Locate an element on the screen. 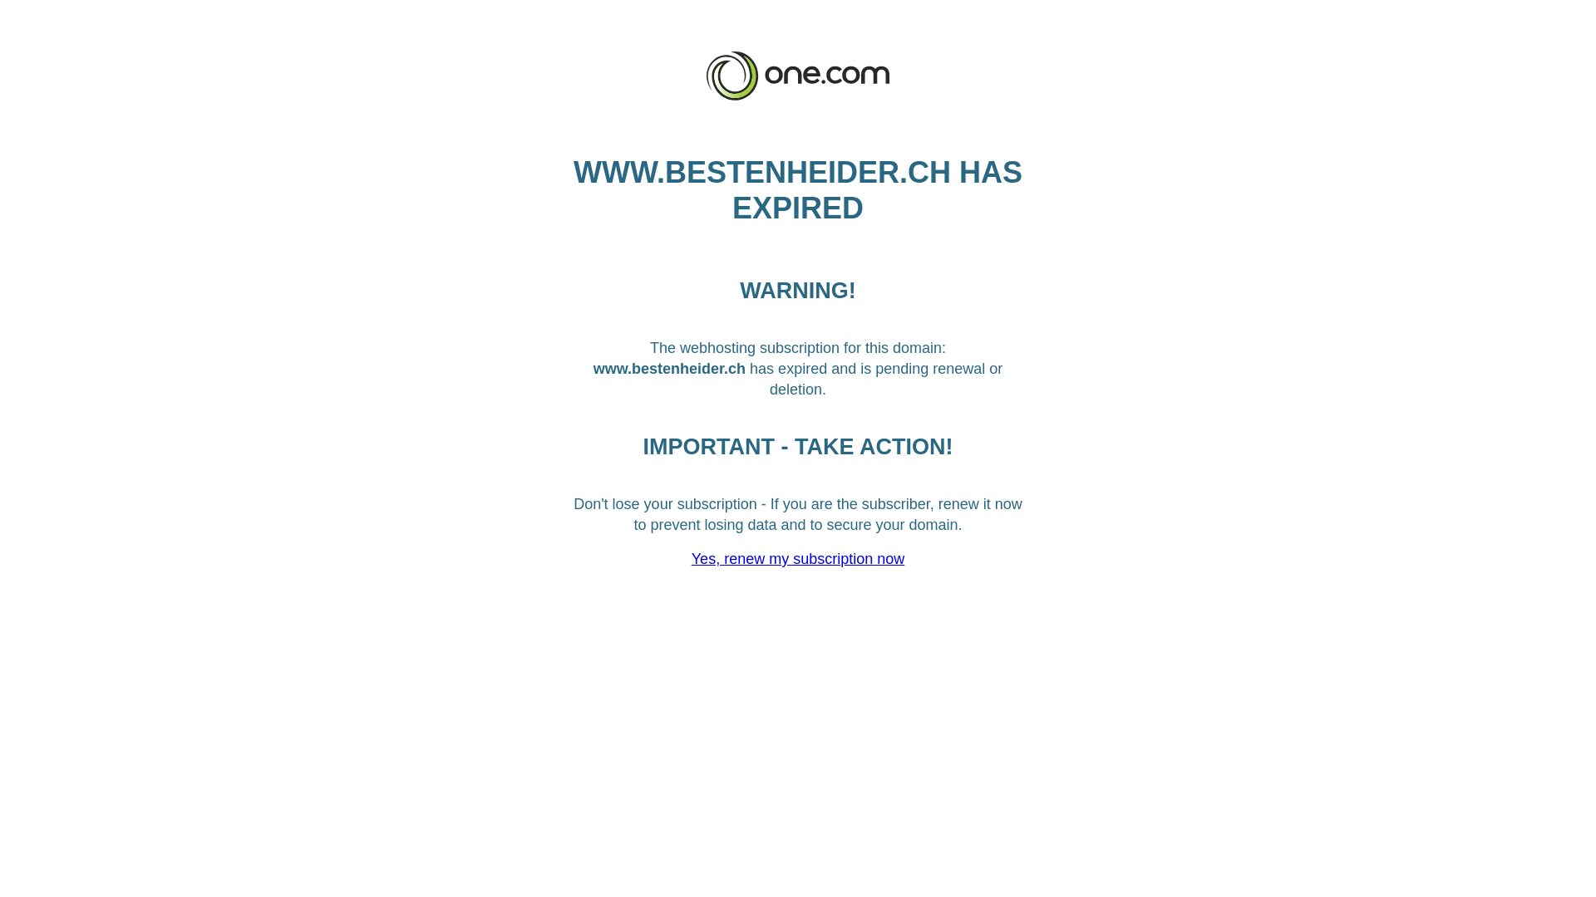 This screenshot has width=1596, height=897. 'Yes, renew my subscription now' is located at coordinates (798, 558).